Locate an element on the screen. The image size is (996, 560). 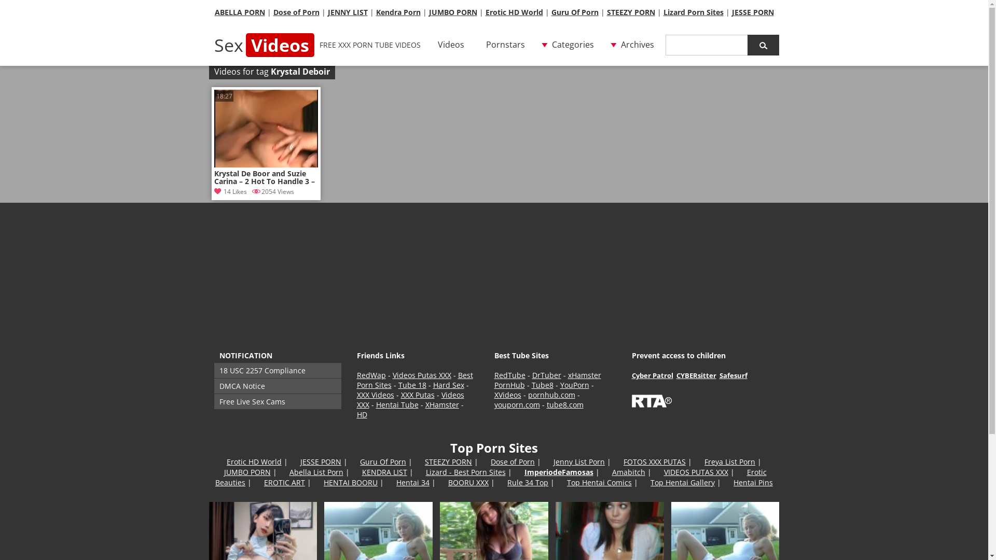
'Lizard Porn Sites' is located at coordinates (693, 12).